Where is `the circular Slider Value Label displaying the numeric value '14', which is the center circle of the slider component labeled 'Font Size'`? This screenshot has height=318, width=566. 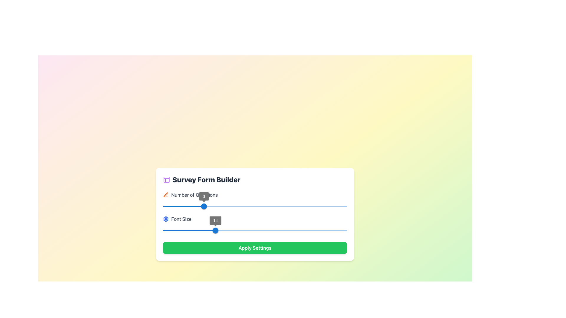
the circular Slider Value Label displaying the numeric value '14', which is the center circle of the slider component labeled 'Font Size' is located at coordinates (215, 220).